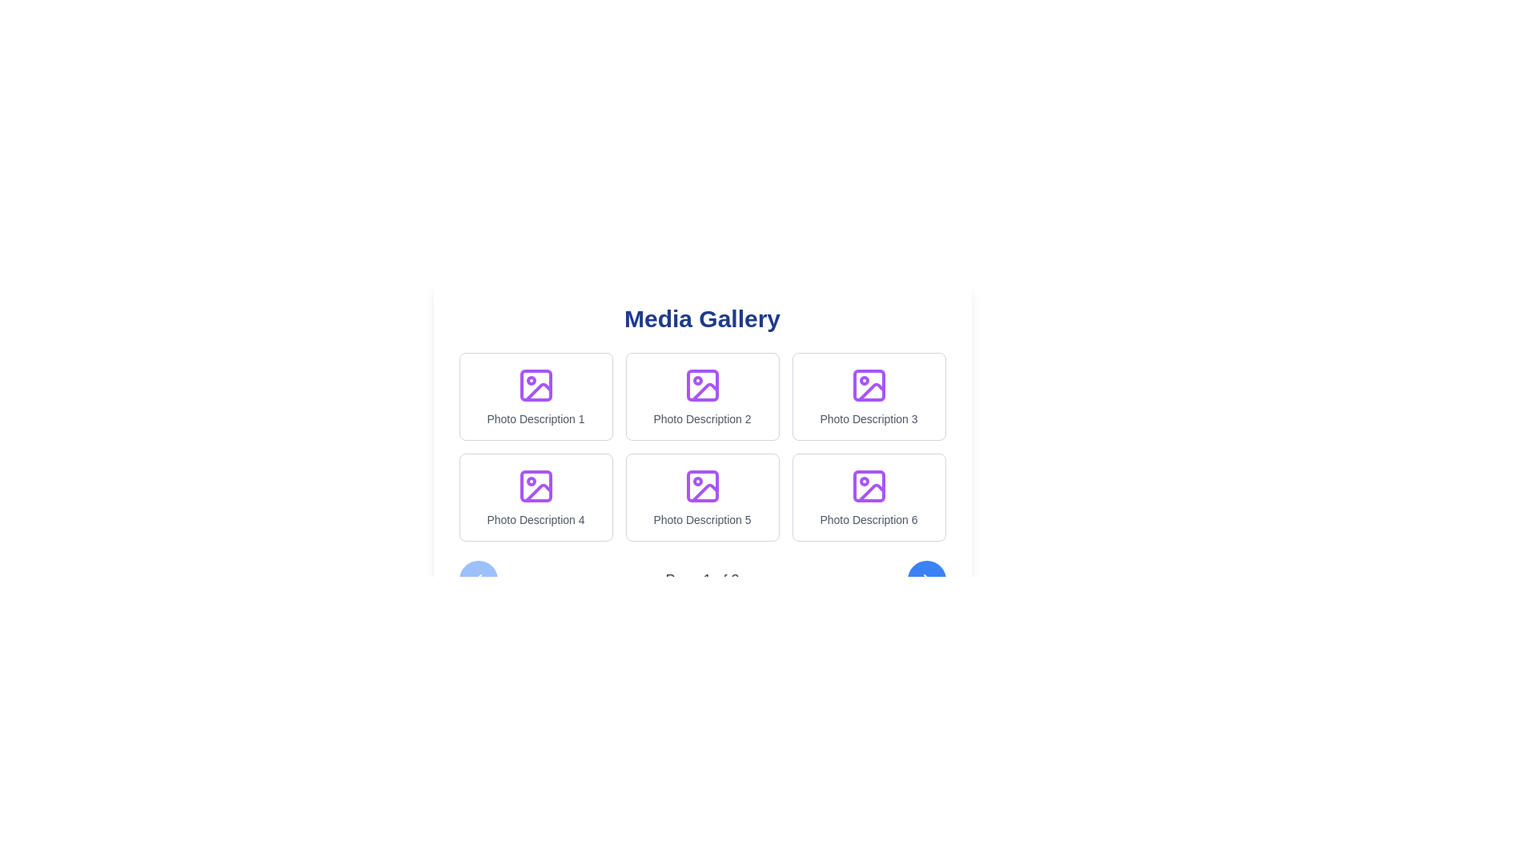 This screenshot has height=864, width=1537. What do you see at coordinates (536, 418) in the screenshot?
I see `the text label that displays 'Photo Description 1', which is styled with gray color and centered text alignment, located below an image icon in the 'Media Gallery' section` at bounding box center [536, 418].